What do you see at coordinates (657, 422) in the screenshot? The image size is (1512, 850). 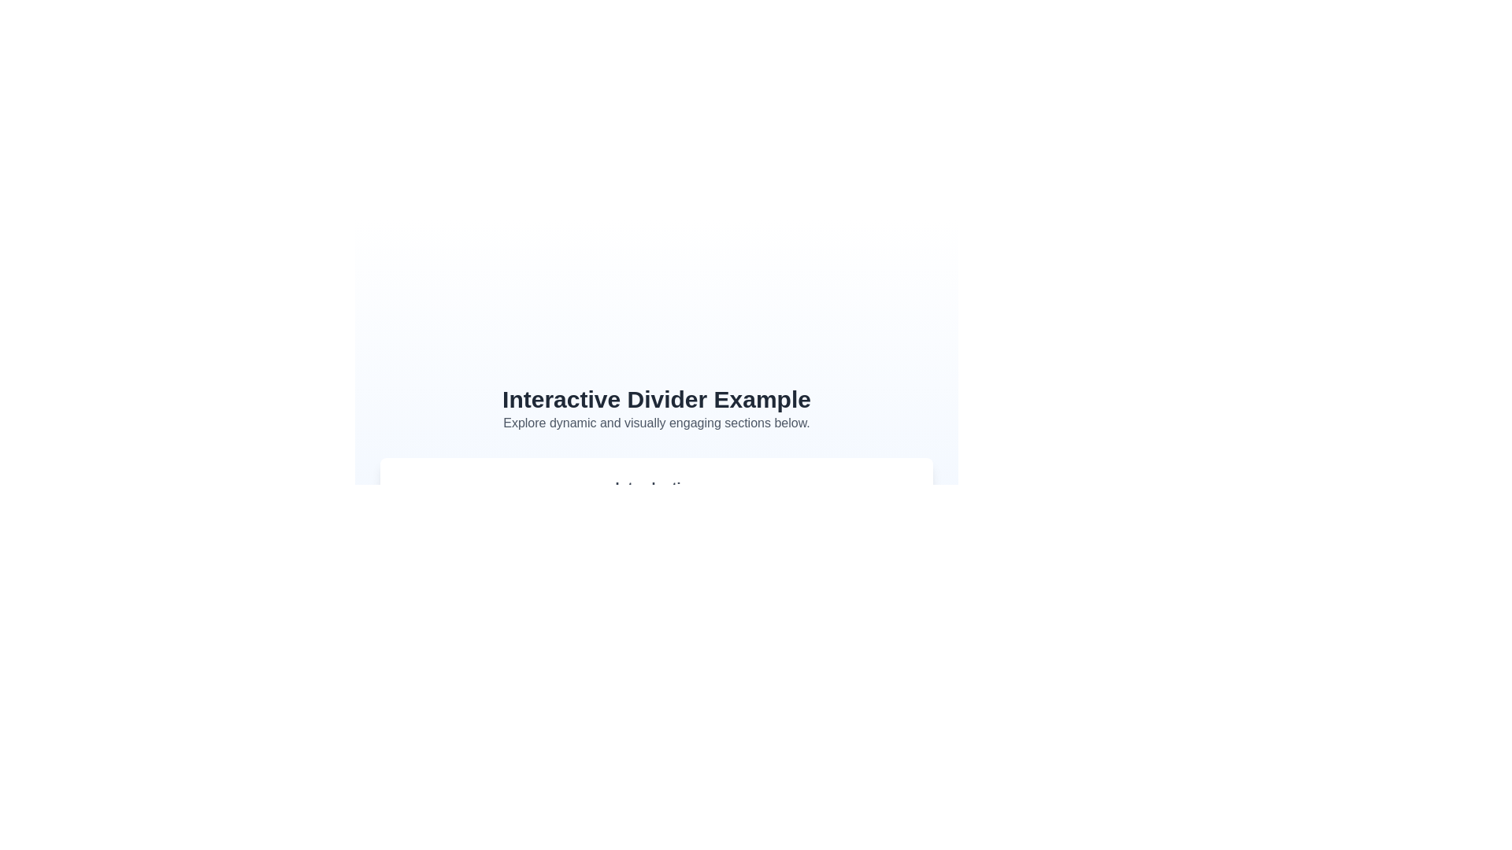 I see `the descriptive subtitle element located in the center area of the interface, which follows the text 'Interactive Divider Example'` at bounding box center [657, 422].